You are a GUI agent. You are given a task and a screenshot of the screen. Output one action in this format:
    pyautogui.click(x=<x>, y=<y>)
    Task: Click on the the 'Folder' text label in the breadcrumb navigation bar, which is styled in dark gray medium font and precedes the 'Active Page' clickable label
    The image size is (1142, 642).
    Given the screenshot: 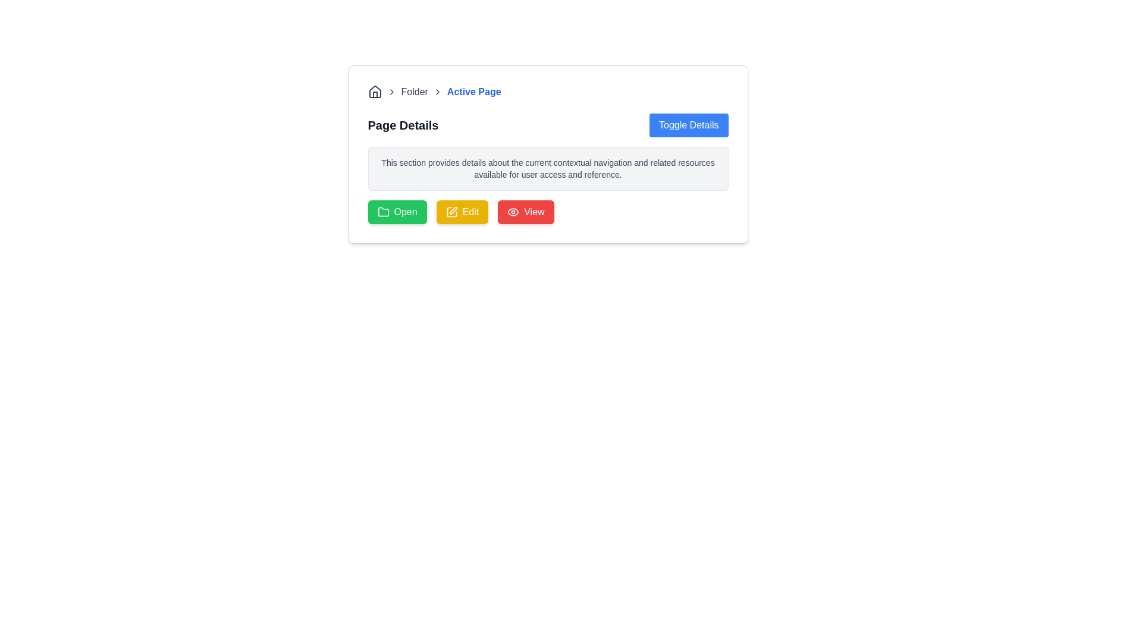 What is the action you would take?
    pyautogui.click(x=415, y=91)
    